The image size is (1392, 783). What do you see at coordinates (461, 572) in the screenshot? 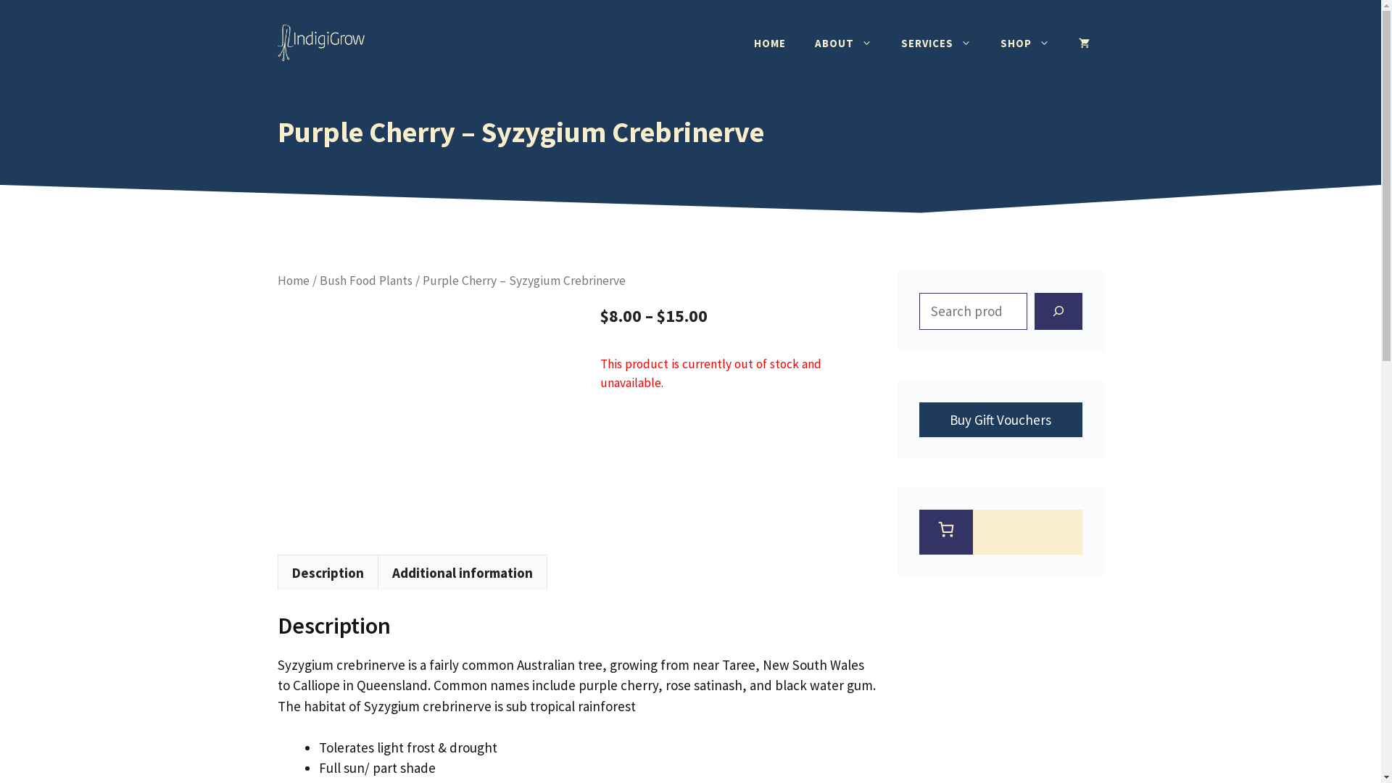
I see `'Additional information'` at bounding box center [461, 572].